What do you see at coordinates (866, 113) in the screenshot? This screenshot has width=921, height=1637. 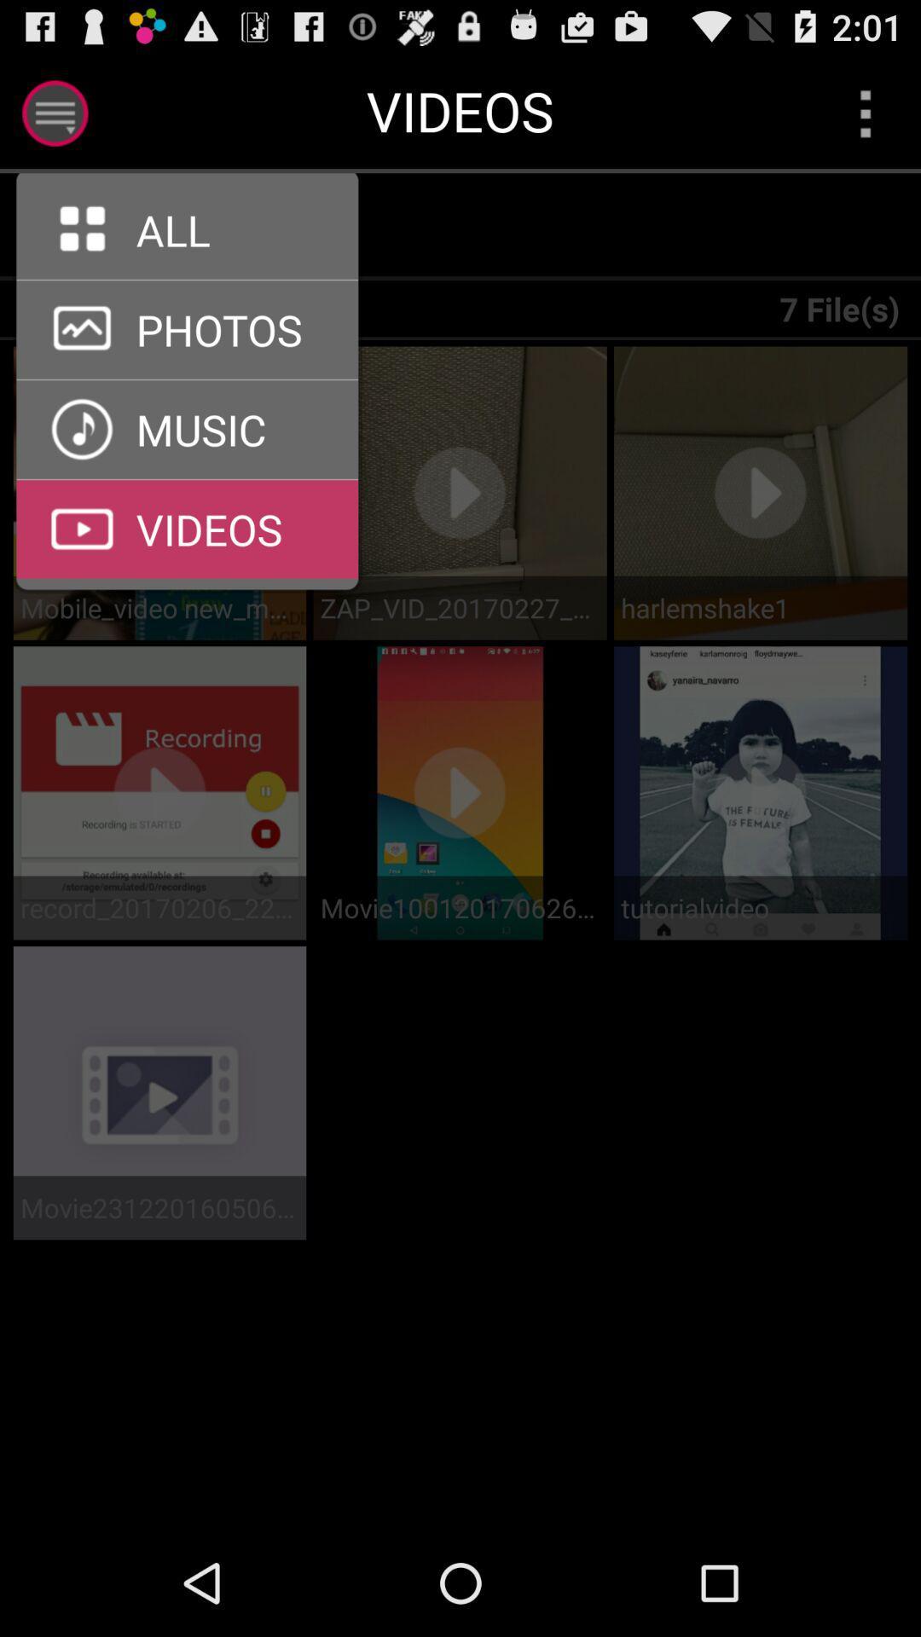 I see `dropdown` at bounding box center [866, 113].